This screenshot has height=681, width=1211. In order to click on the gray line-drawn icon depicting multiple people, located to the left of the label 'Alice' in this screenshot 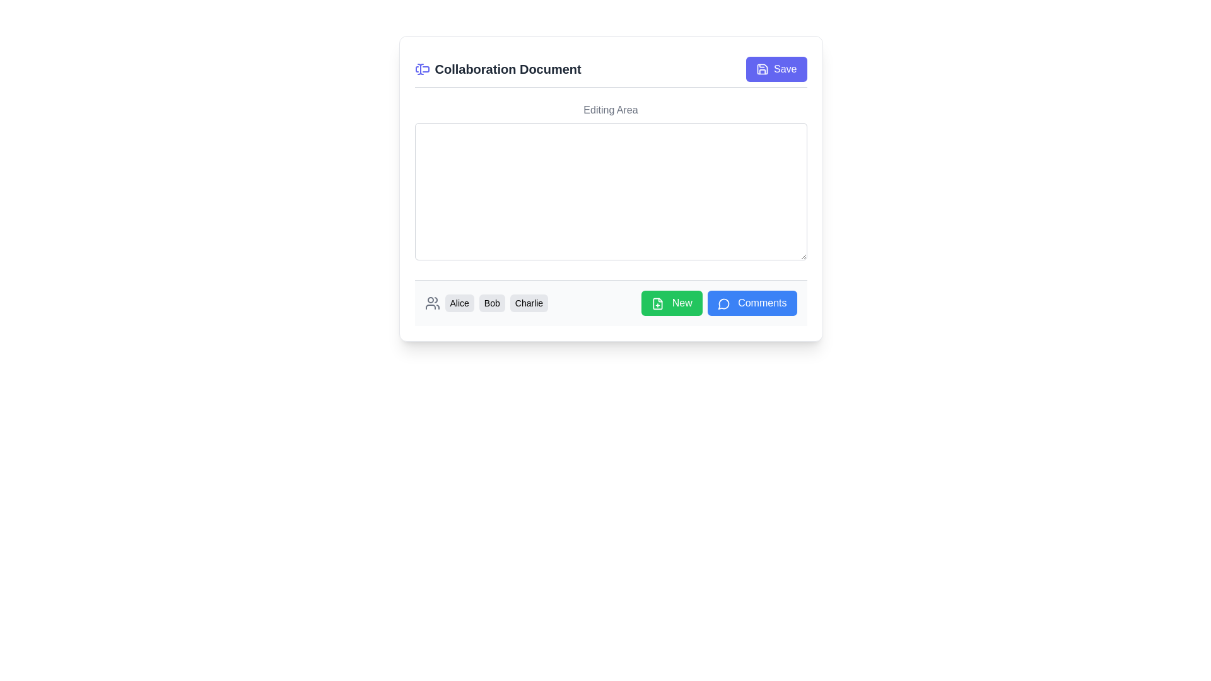, I will do `click(432, 303)`.